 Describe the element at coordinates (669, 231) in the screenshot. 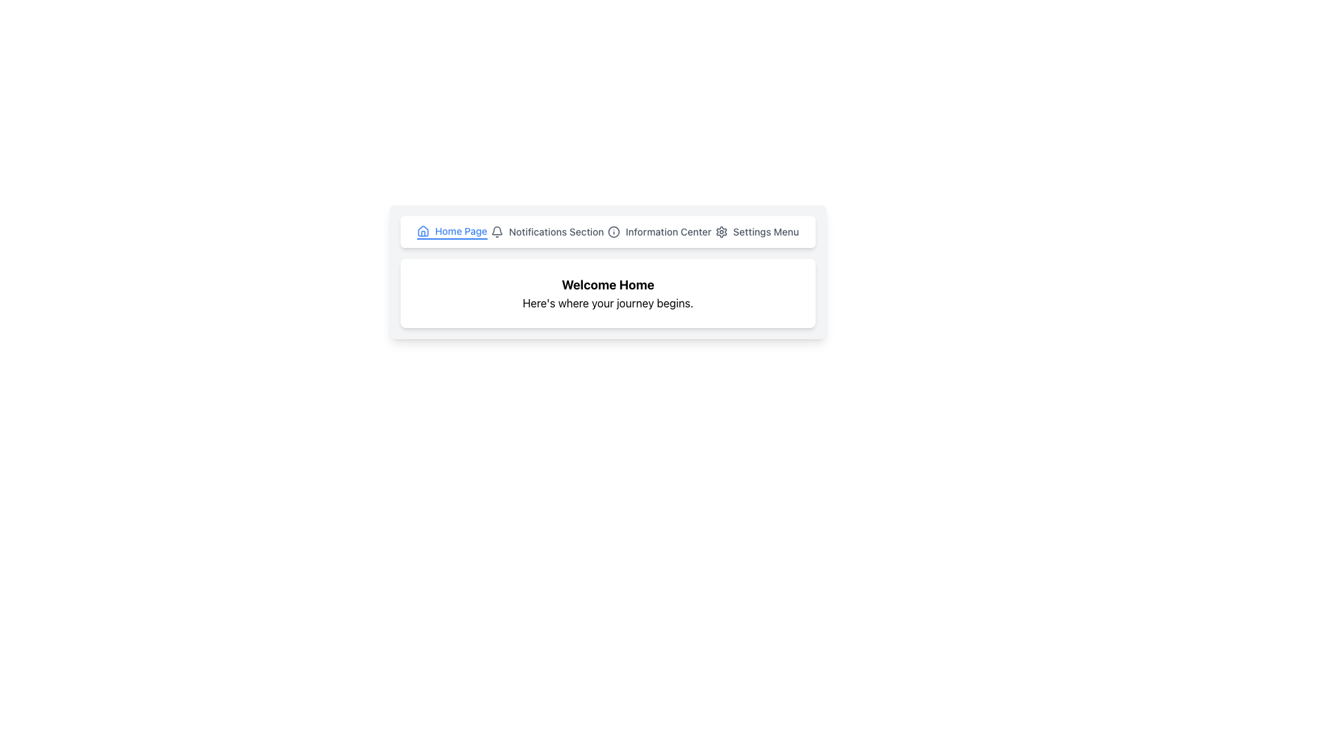

I see `the 'Information Center' text label in the navigation bar to trigger the tooltip` at that location.